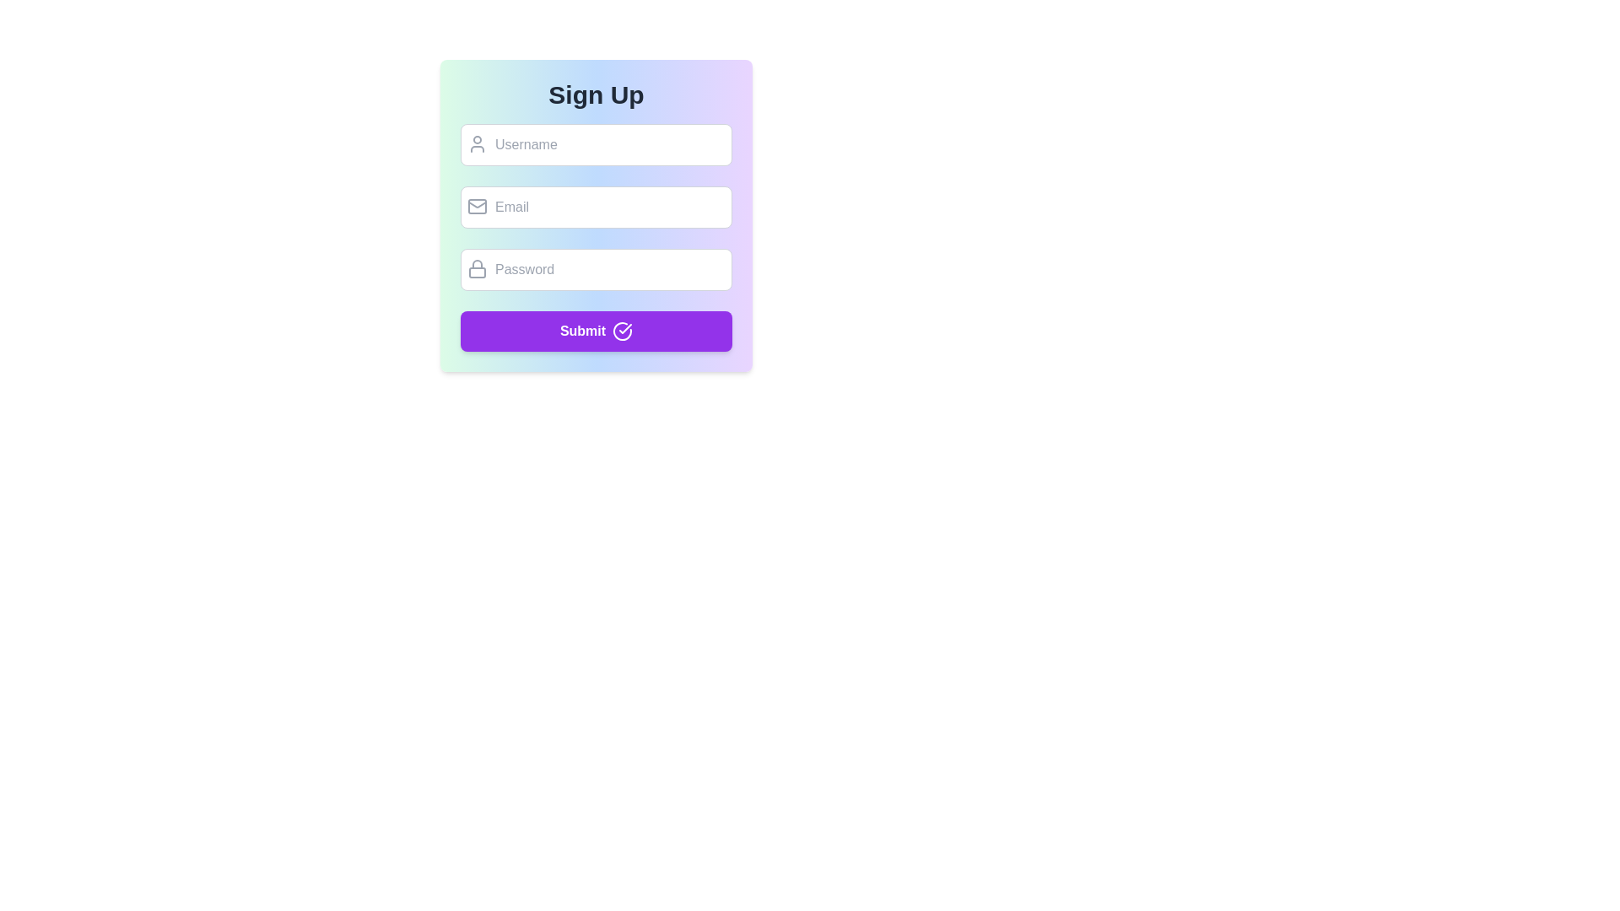 This screenshot has height=911, width=1620. Describe the element at coordinates (596, 94) in the screenshot. I see `the bold heading that reads 'Sign Up', which is centrally located at the top of a card with a gradient background` at that location.